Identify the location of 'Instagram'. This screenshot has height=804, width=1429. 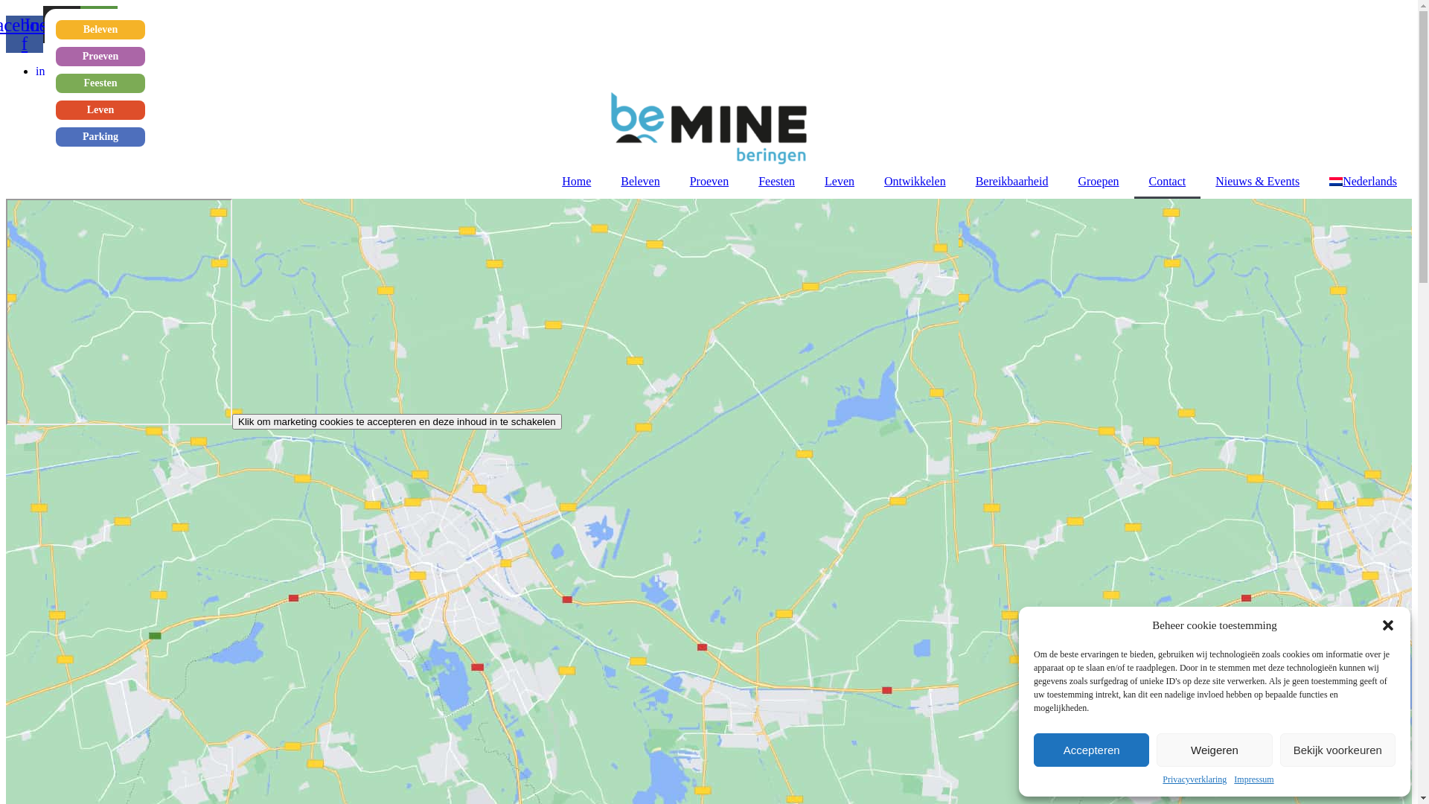
(60, 25).